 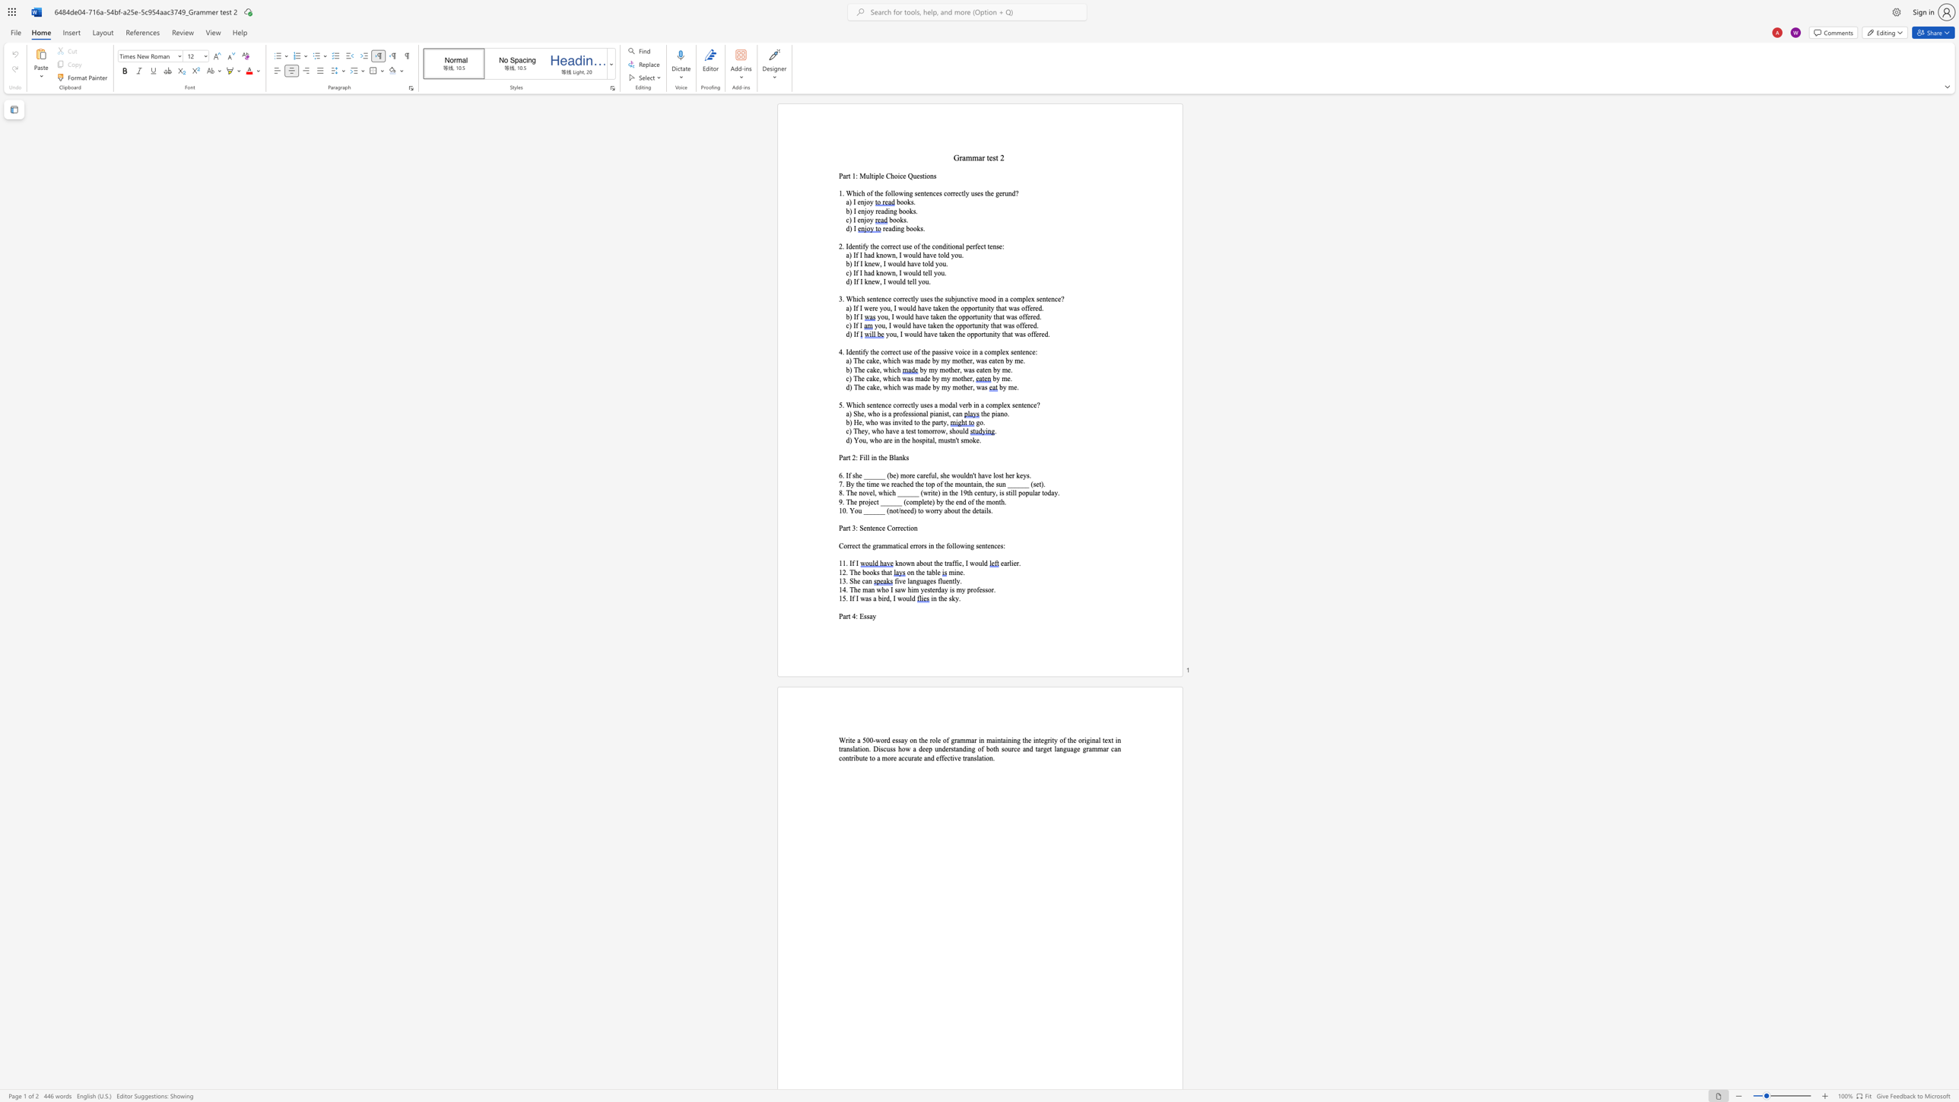 I want to click on the subset text "ly." within the text "five languages fluently.", so click(x=954, y=581).